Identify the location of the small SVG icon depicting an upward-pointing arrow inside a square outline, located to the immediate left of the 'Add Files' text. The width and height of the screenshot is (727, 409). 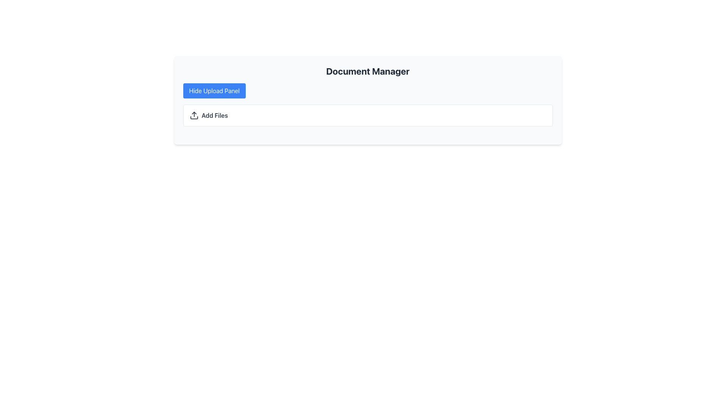
(194, 115).